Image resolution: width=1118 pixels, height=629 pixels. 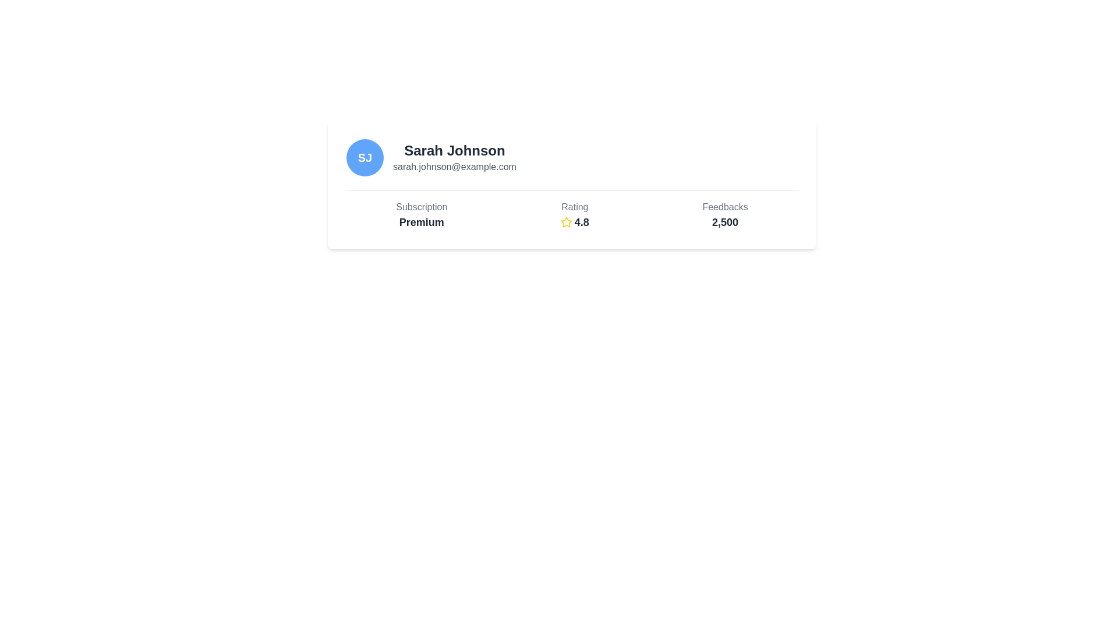 What do you see at coordinates (365, 157) in the screenshot?
I see `the circular blue avatar with white bold initials 'SJ' located at the top-left of the profile card` at bounding box center [365, 157].